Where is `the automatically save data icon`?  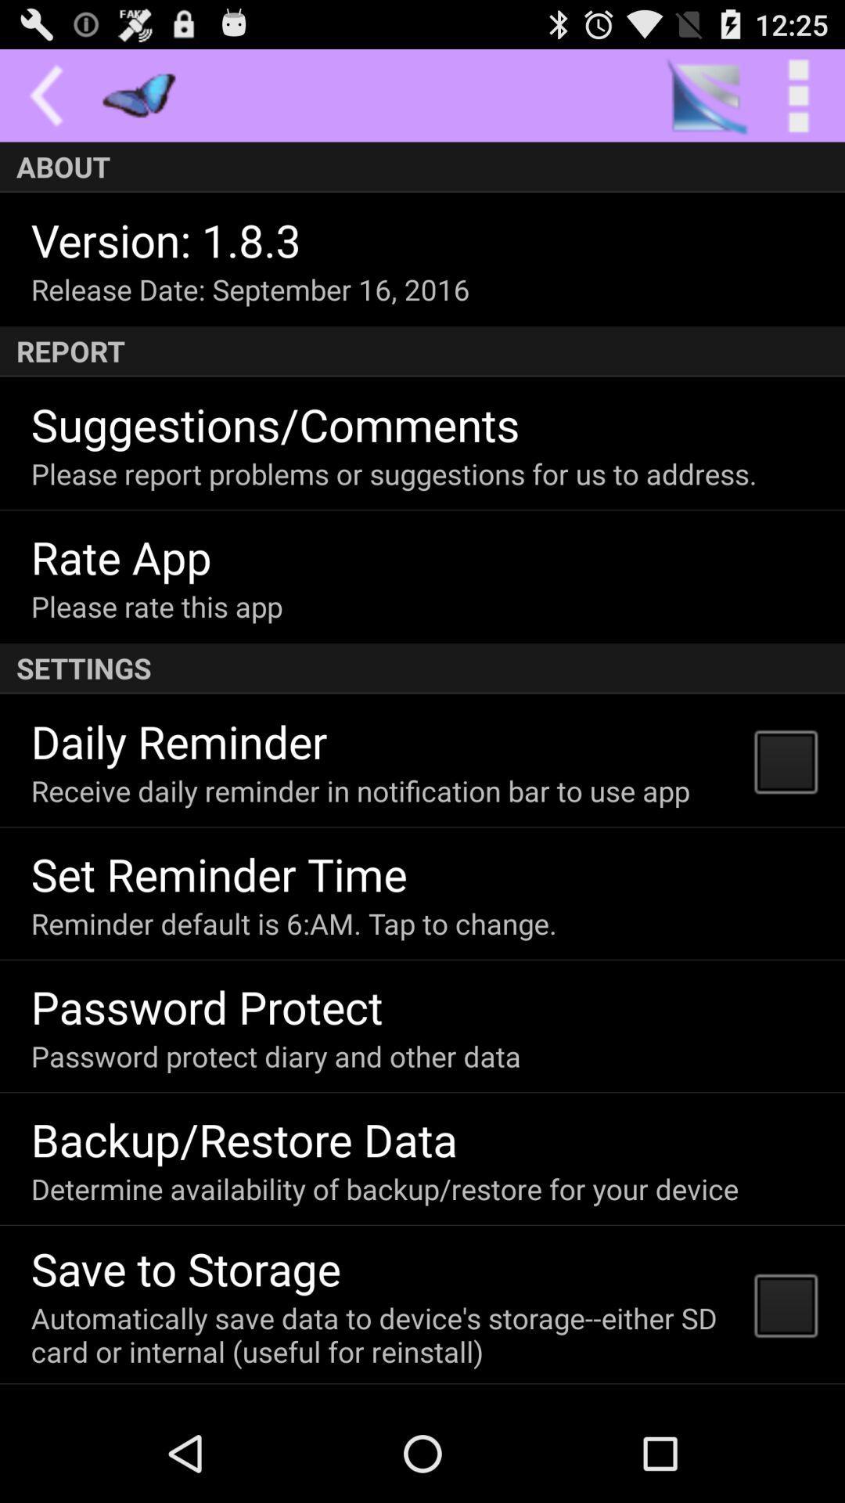 the automatically save data icon is located at coordinates (383, 1334).